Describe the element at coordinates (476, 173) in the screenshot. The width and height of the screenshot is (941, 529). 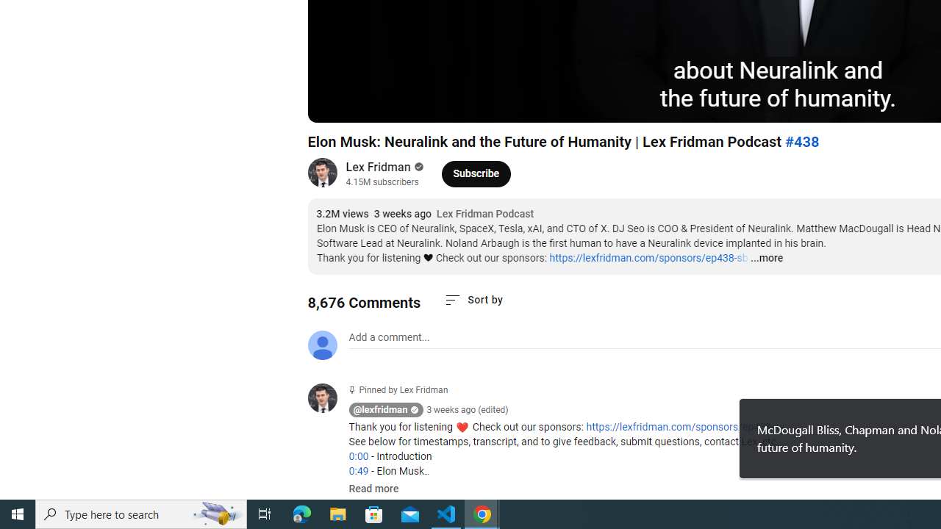
I see `'Subscribe to Lex Fridman.'` at that location.